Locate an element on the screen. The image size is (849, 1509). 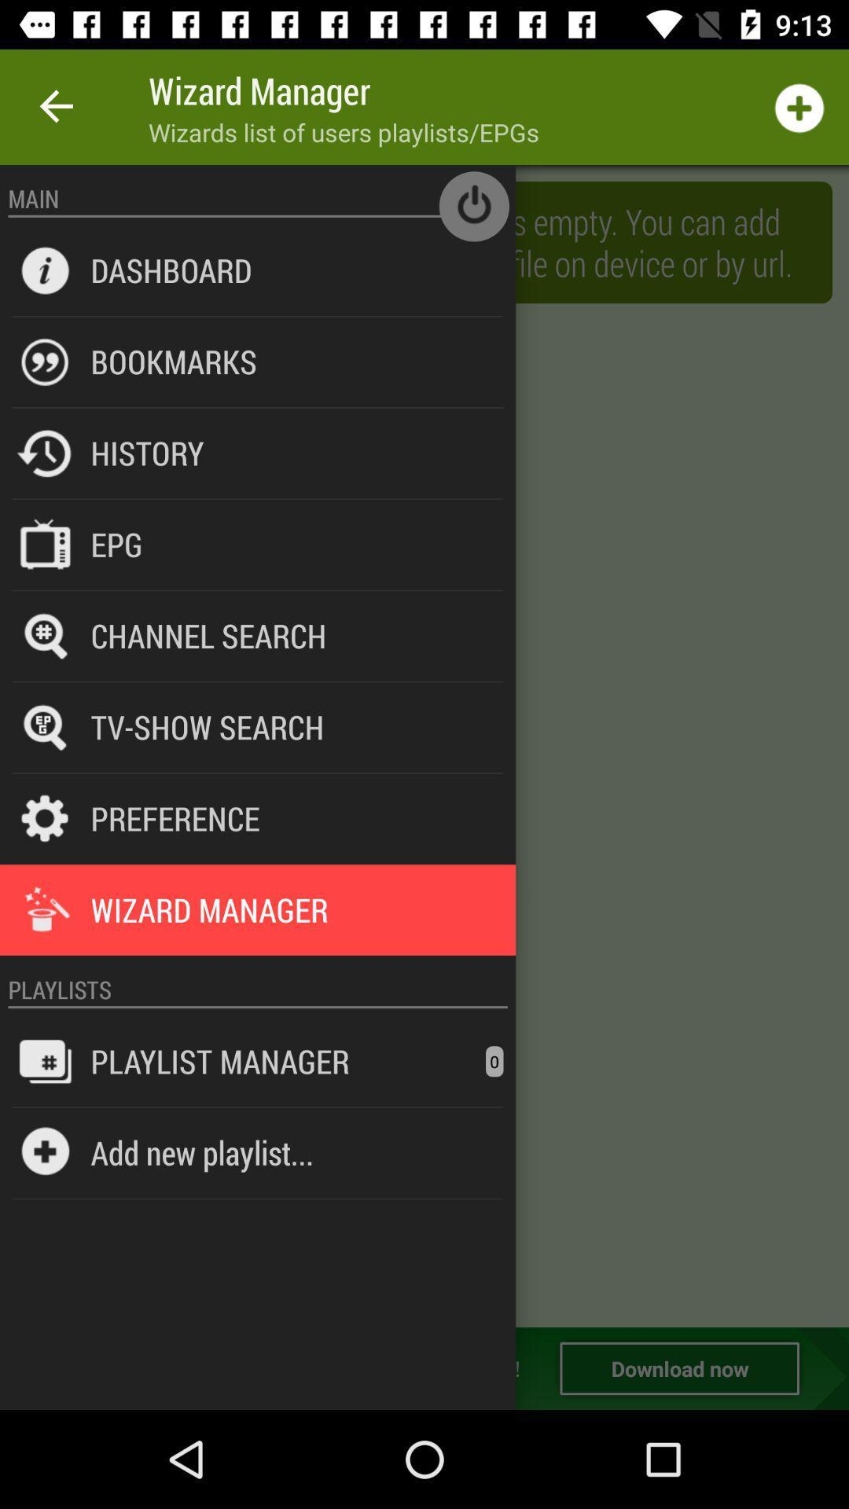
main menu is located at coordinates (424, 745).